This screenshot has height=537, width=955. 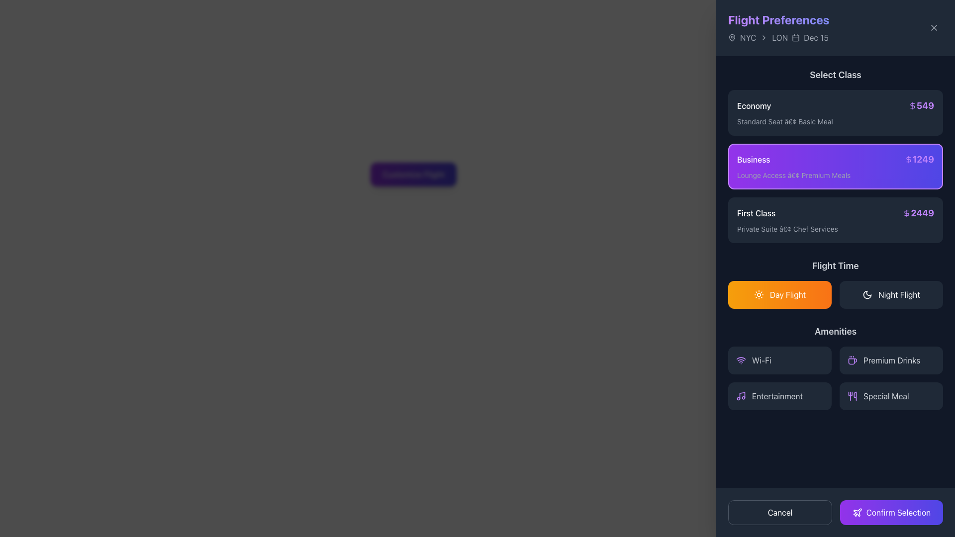 What do you see at coordinates (778, 19) in the screenshot?
I see `the Text header indicating overall theme or purpose of flight preferences, located at the top of the panel` at bounding box center [778, 19].